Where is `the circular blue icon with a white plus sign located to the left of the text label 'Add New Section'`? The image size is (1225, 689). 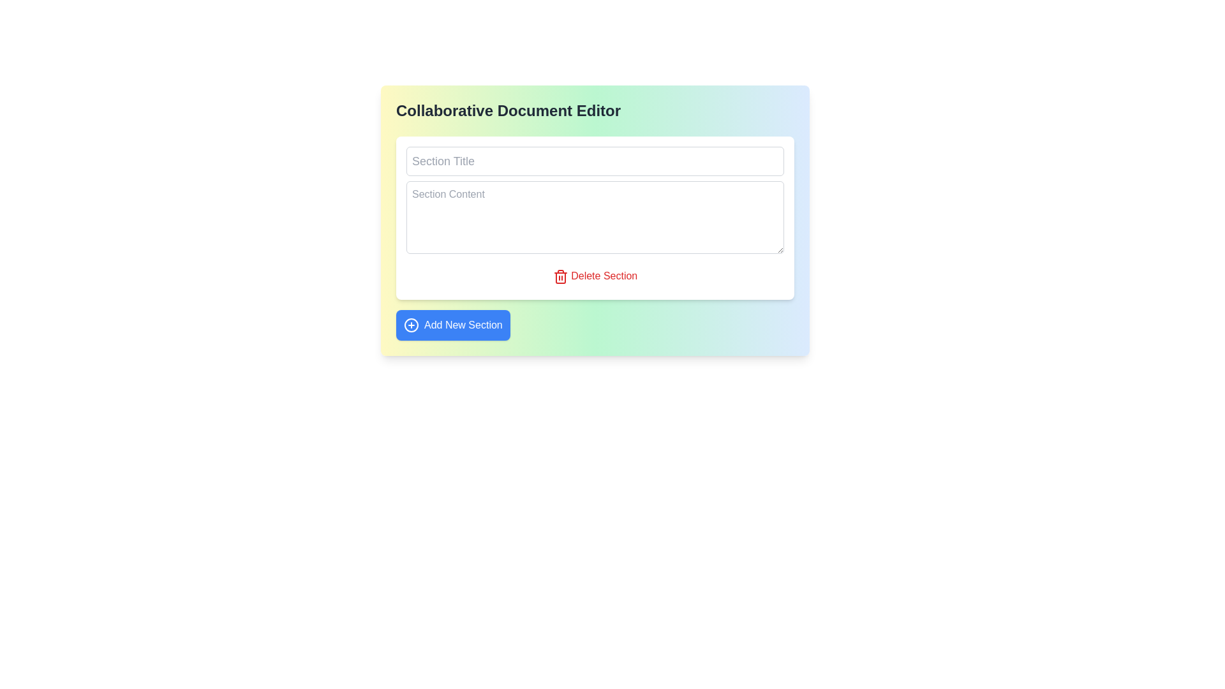 the circular blue icon with a white plus sign located to the left of the text label 'Add New Section' is located at coordinates (411, 324).